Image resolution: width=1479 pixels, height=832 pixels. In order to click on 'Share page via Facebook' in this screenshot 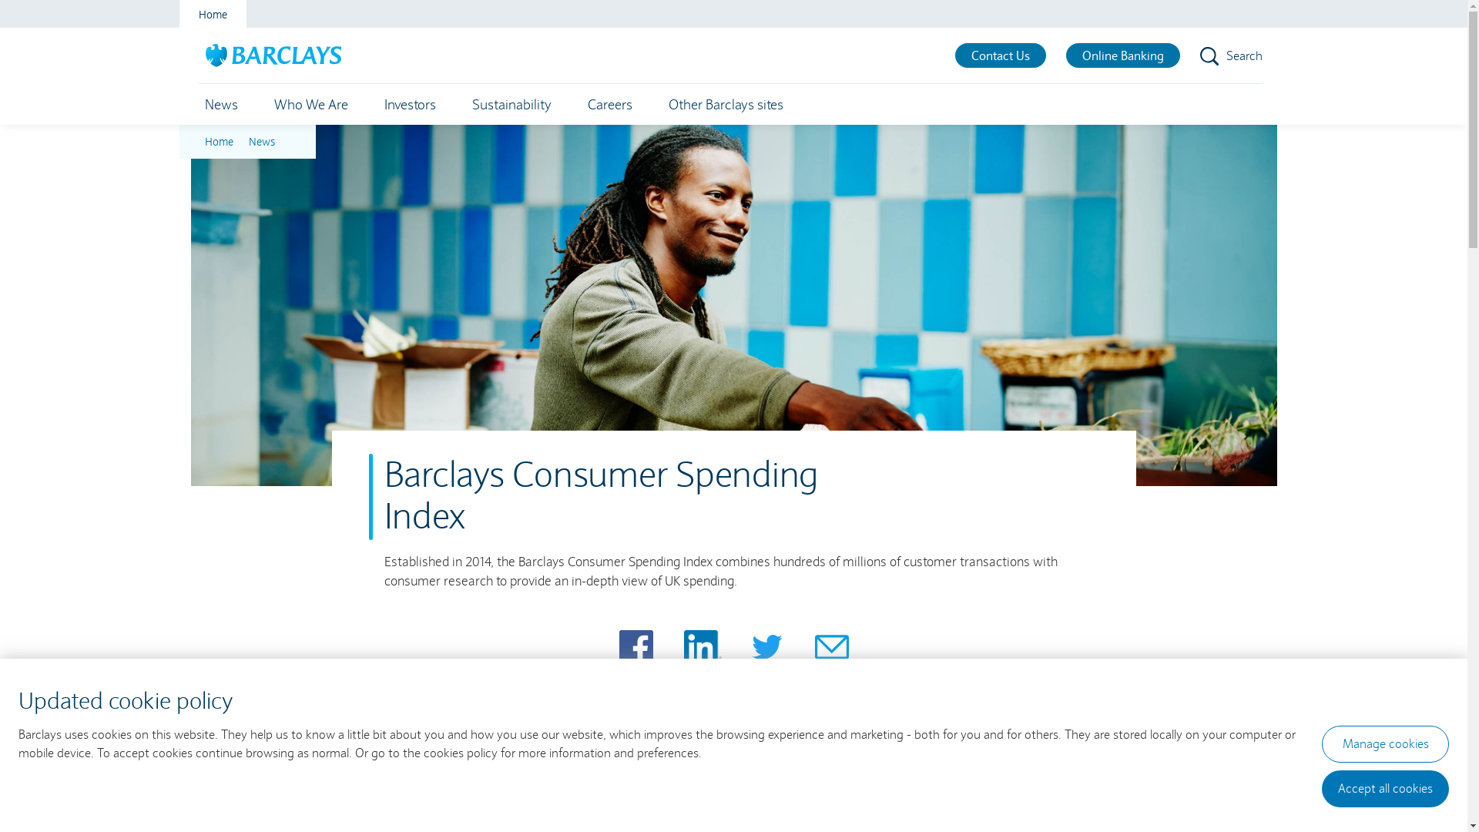, I will do `click(619, 647)`.